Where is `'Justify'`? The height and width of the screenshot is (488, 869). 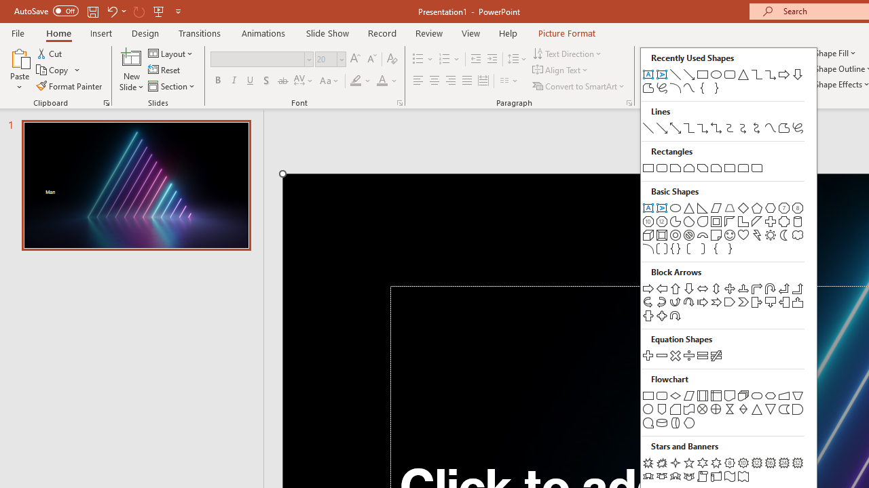 'Justify' is located at coordinates (467, 81).